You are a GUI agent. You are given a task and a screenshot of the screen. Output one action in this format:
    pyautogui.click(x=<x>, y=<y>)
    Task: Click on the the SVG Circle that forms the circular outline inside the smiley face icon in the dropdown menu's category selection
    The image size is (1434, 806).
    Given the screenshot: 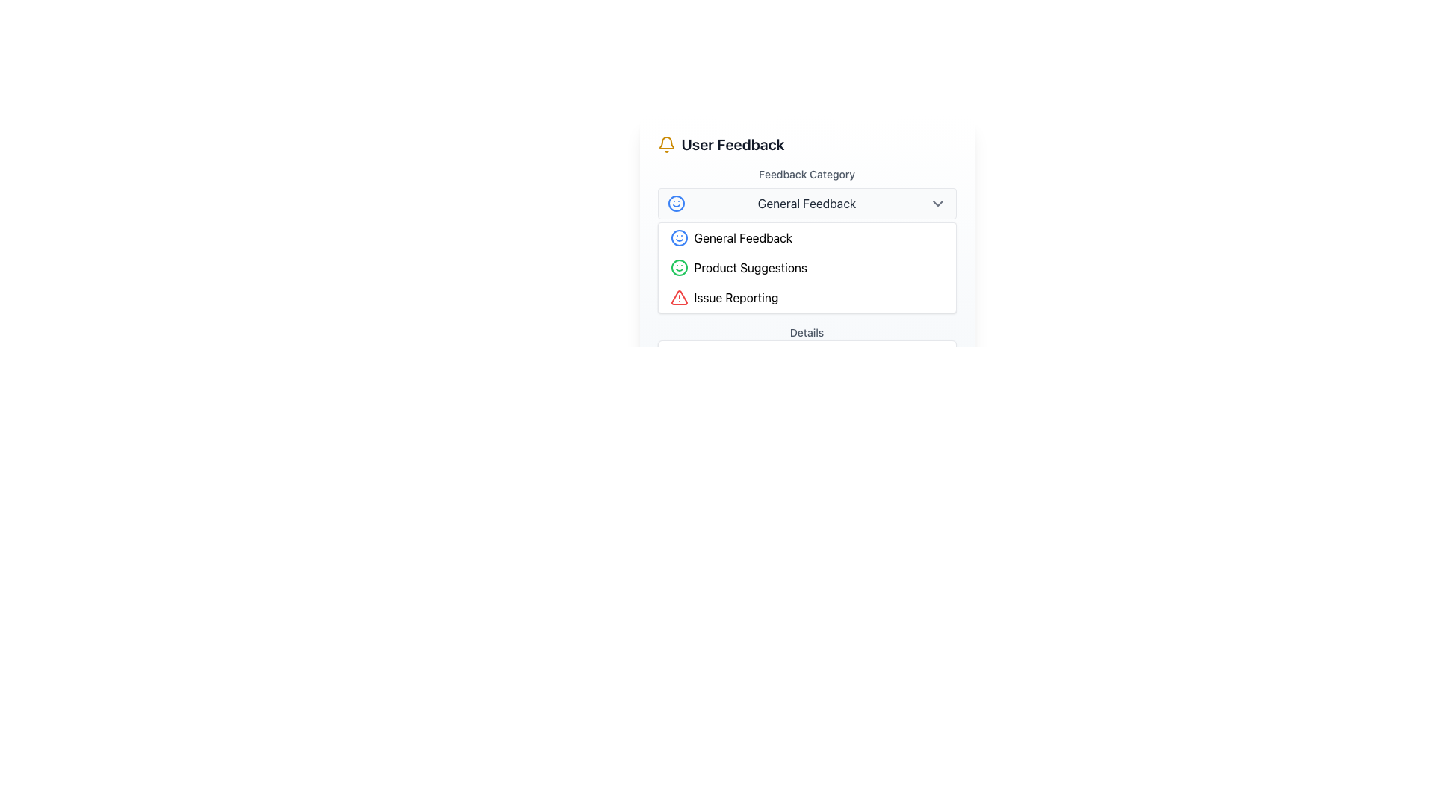 What is the action you would take?
    pyautogui.click(x=675, y=204)
    